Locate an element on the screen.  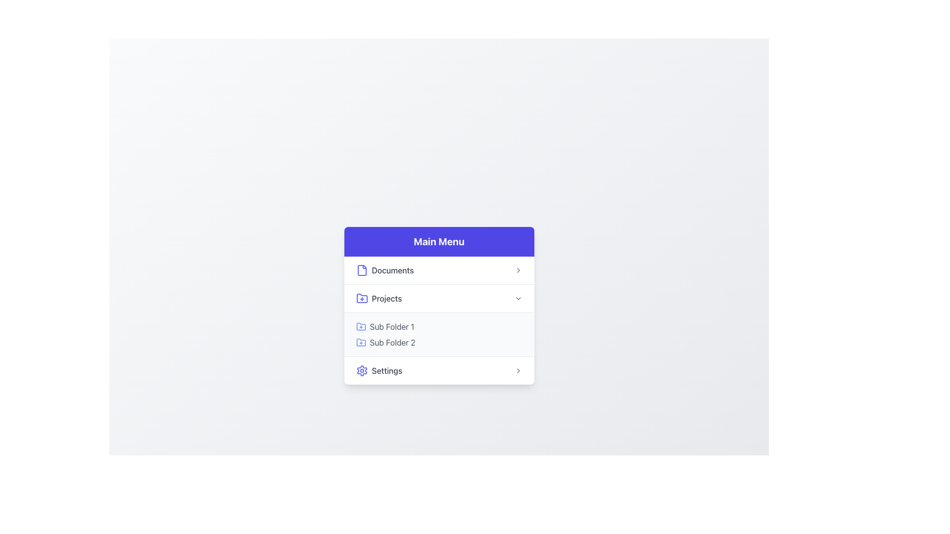
the collapsible menu item under the 'Projects' section of the 'Main Menu' is located at coordinates (438, 320).